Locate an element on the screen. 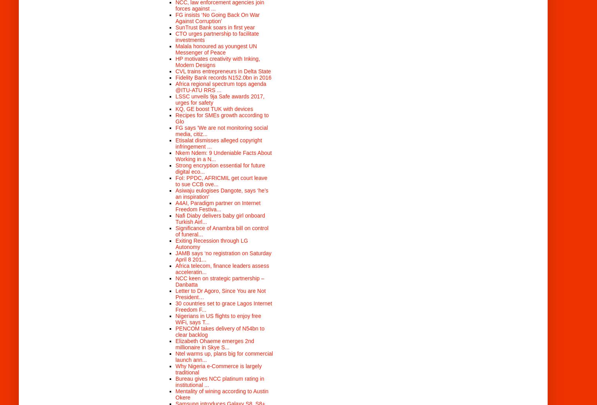 The height and width of the screenshot is (405, 597). 'FG insists ‘No Going Back On War Against Corruption’' is located at coordinates (217, 18).